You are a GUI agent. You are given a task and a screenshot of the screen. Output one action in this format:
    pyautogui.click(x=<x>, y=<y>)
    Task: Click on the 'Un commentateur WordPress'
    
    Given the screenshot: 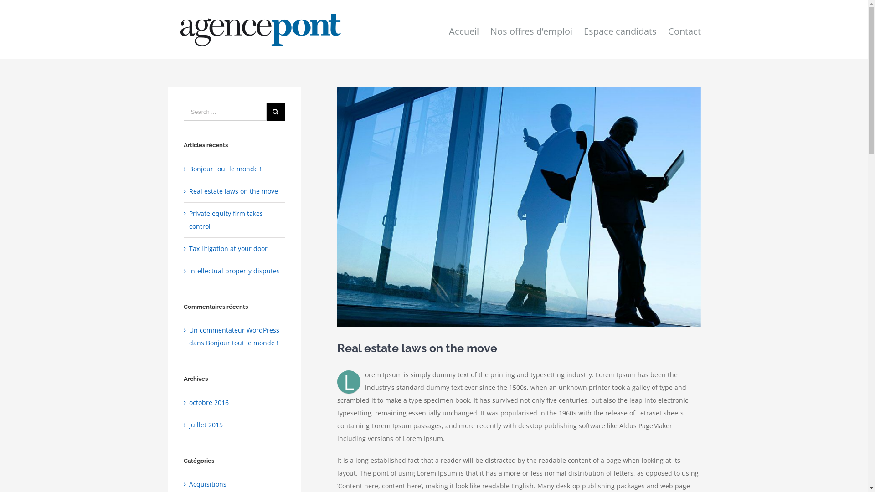 What is the action you would take?
    pyautogui.click(x=234, y=330)
    